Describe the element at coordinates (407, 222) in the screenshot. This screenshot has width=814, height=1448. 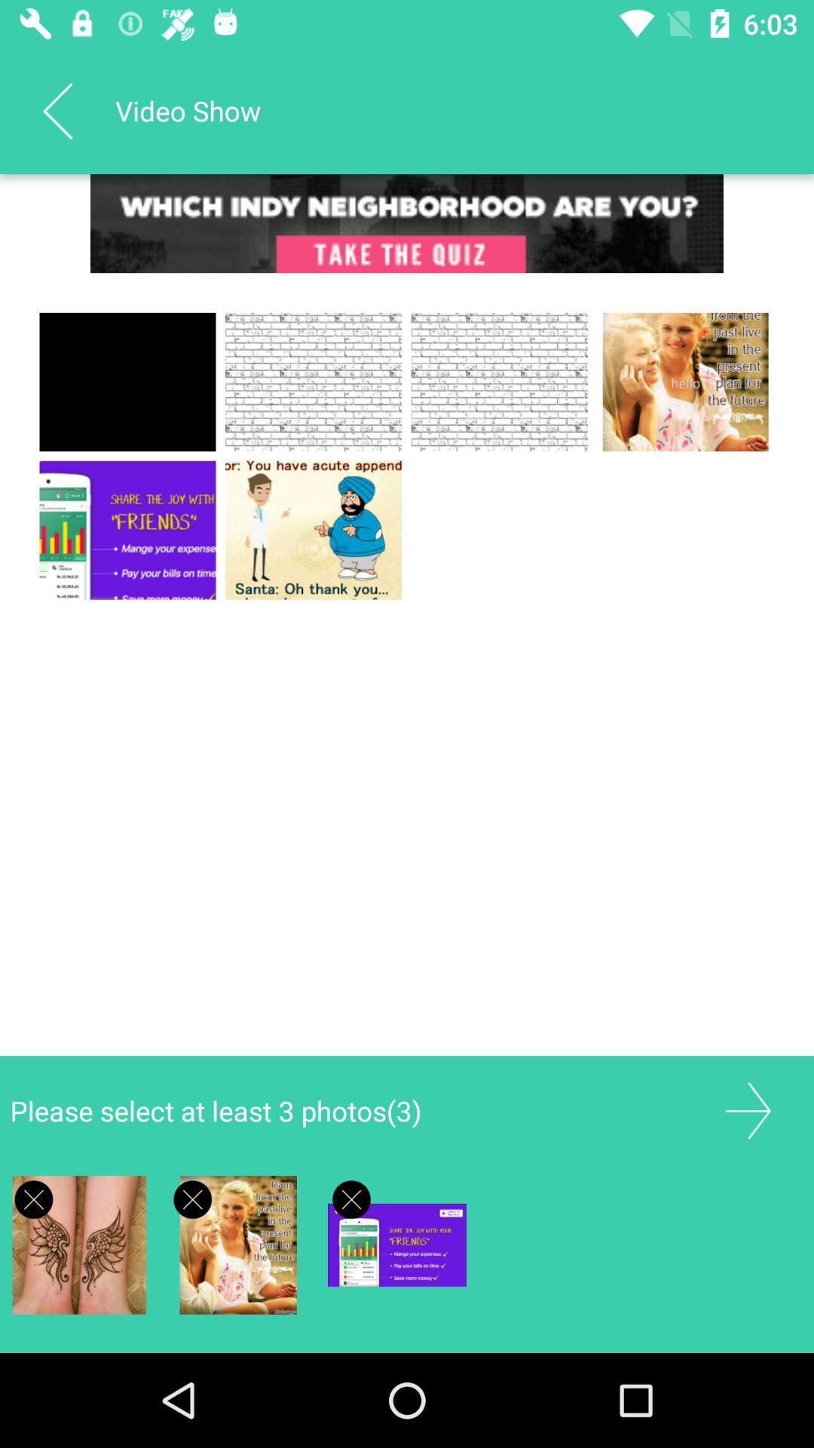
I see `open the advertisement link` at that location.